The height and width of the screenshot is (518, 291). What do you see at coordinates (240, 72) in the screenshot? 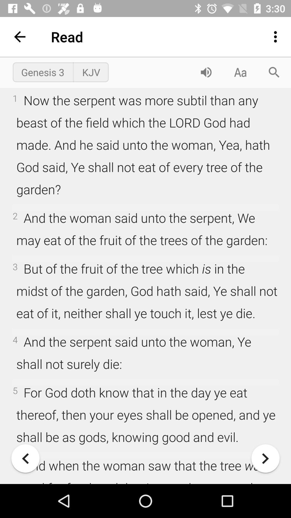
I see `the item above the 1 now the icon` at bounding box center [240, 72].